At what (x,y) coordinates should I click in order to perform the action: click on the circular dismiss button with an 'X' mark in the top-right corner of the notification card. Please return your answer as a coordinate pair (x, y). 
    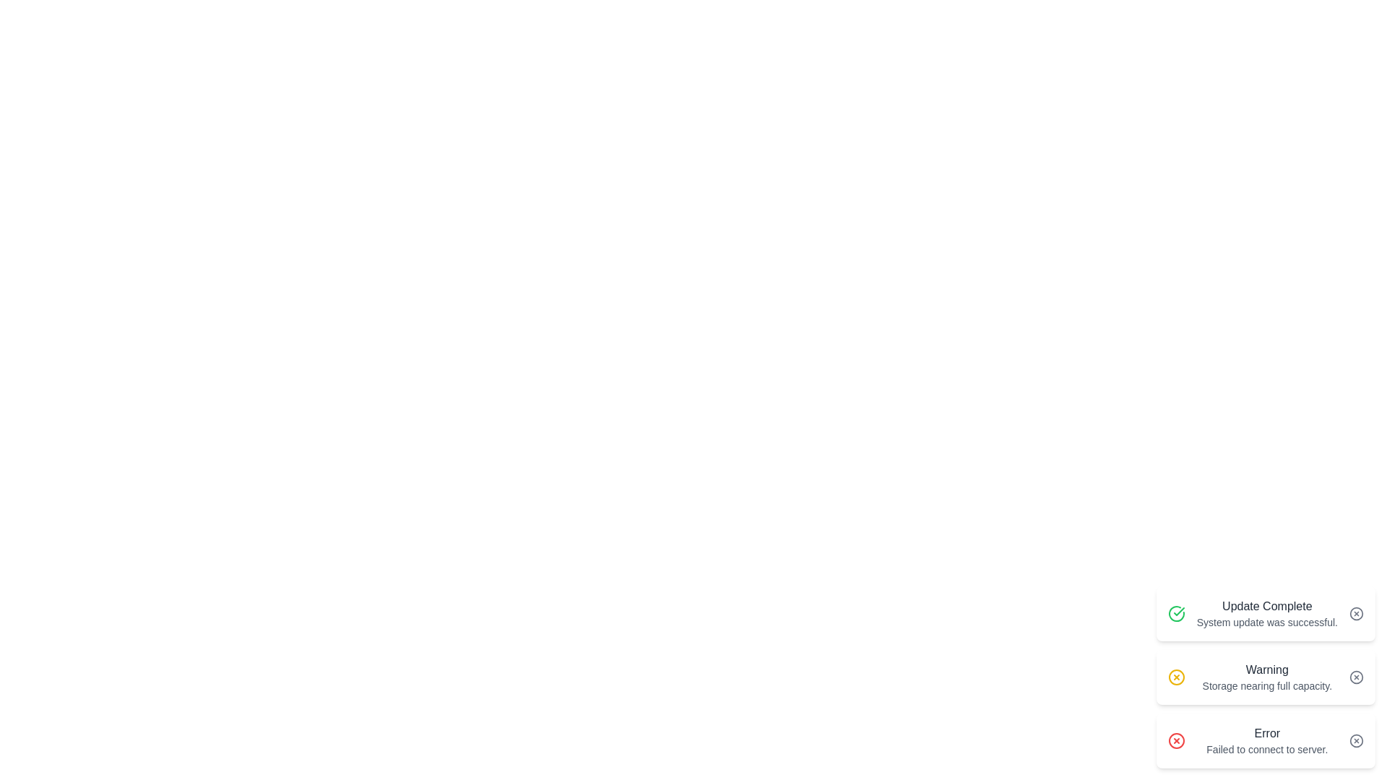
    Looking at the image, I should click on (1355, 677).